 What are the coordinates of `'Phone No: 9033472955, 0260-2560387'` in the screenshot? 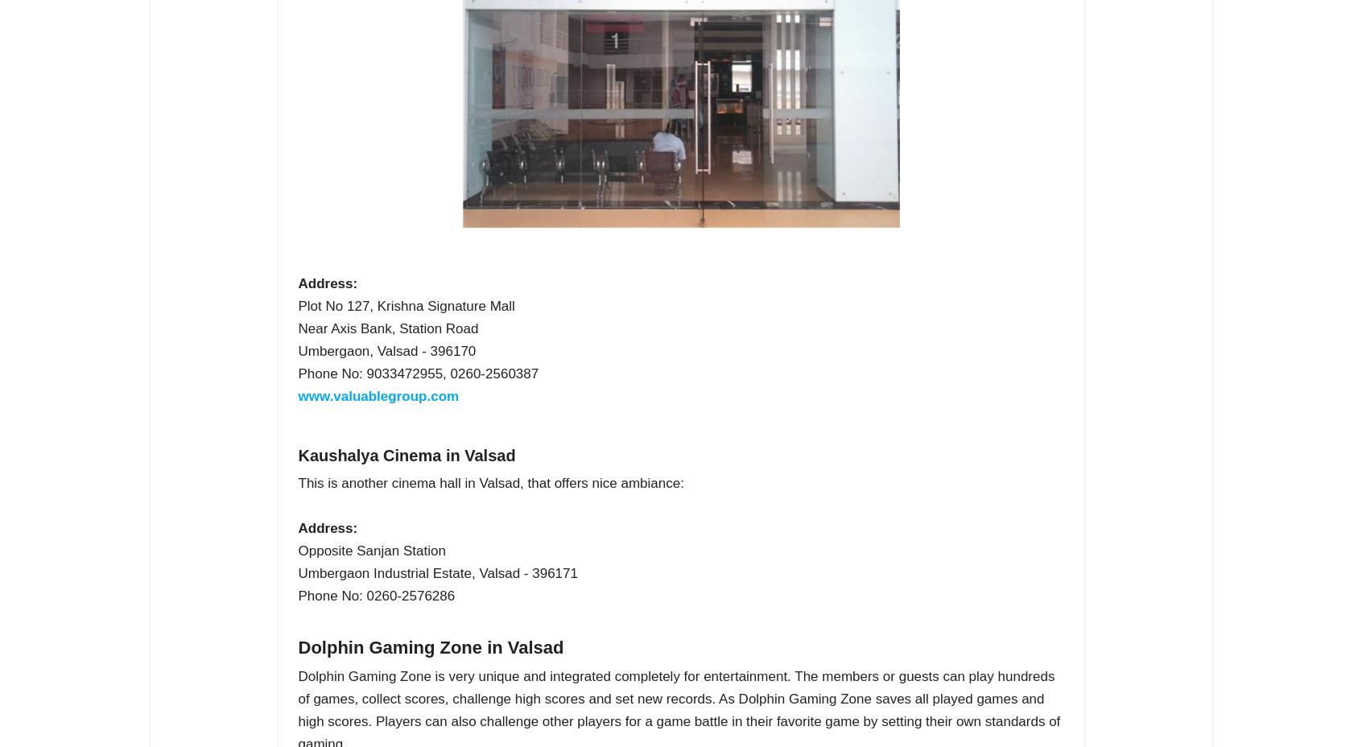 It's located at (418, 373).